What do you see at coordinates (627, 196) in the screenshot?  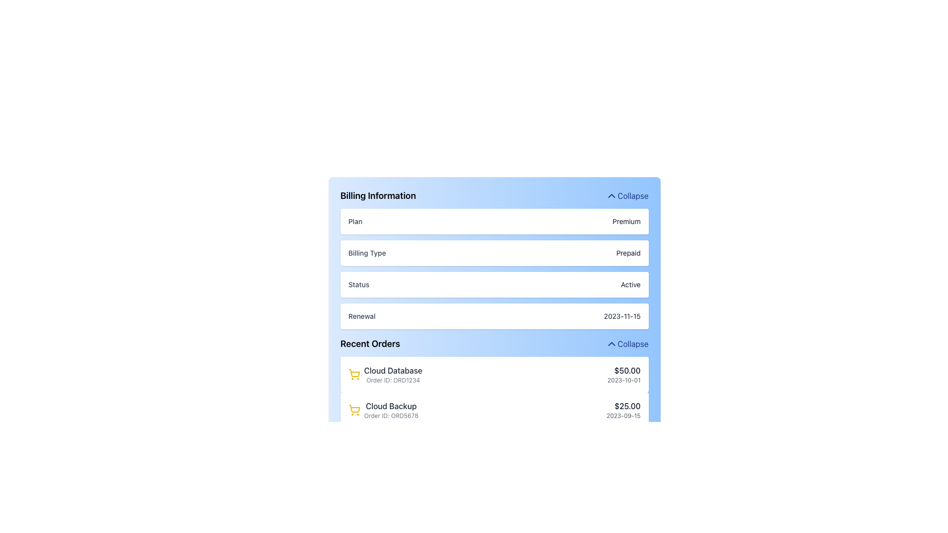 I see `the 'Collapse' interactive toggleable label with an upward-pointing chevron icon, located at the top-right corner of the 'Billing Information' section` at bounding box center [627, 196].